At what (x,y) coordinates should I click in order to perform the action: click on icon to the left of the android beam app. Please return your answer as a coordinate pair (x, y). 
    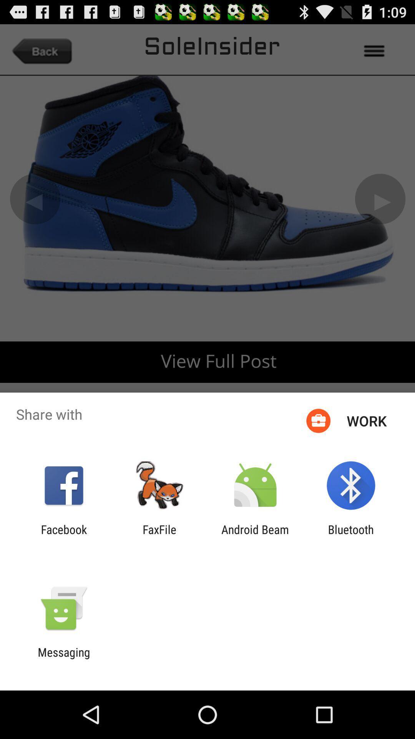
    Looking at the image, I should click on (159, 536).